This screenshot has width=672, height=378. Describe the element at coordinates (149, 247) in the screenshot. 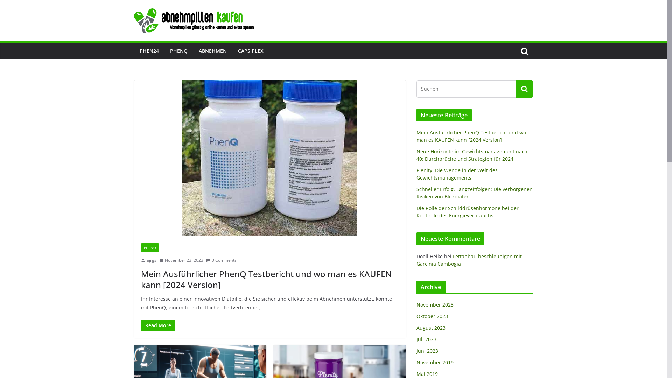

I see `'PHENQ'` at that location.